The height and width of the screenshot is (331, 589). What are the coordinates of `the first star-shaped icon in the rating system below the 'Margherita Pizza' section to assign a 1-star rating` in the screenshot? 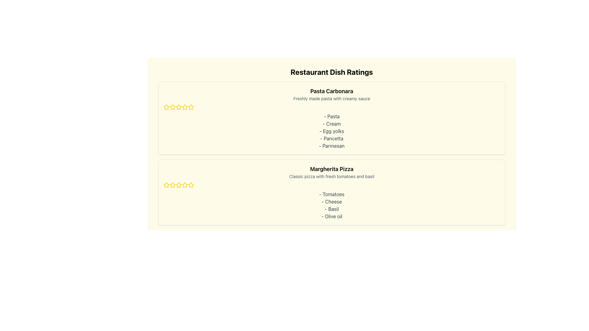 It's located at (166, 185).